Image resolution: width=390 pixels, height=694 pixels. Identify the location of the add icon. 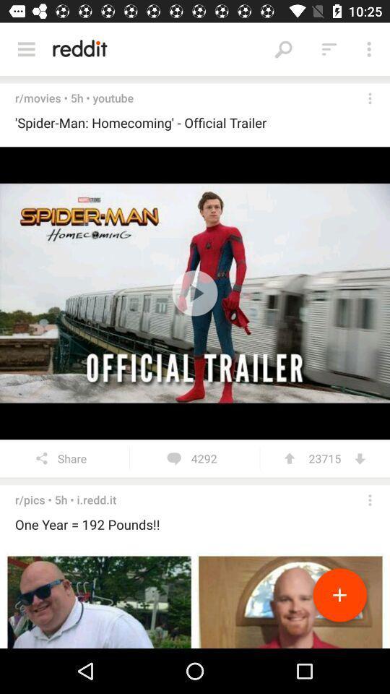
(339, 598).